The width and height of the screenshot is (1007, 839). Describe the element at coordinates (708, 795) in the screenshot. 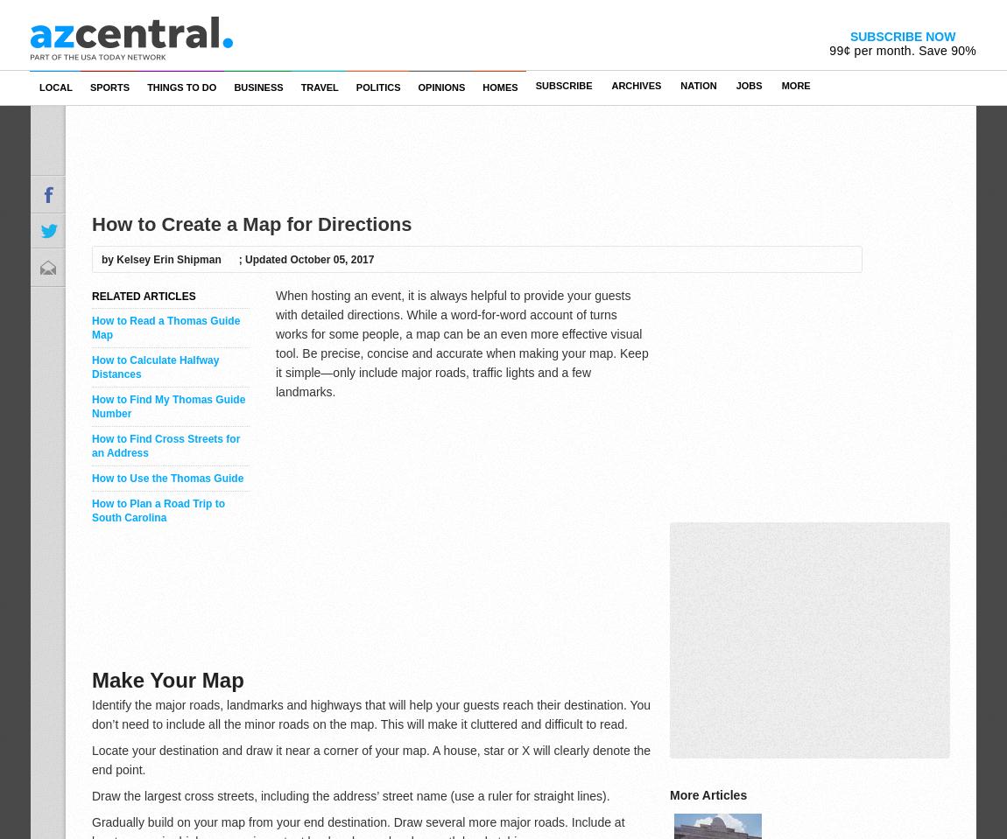

I see `'More Articles'` at that location.